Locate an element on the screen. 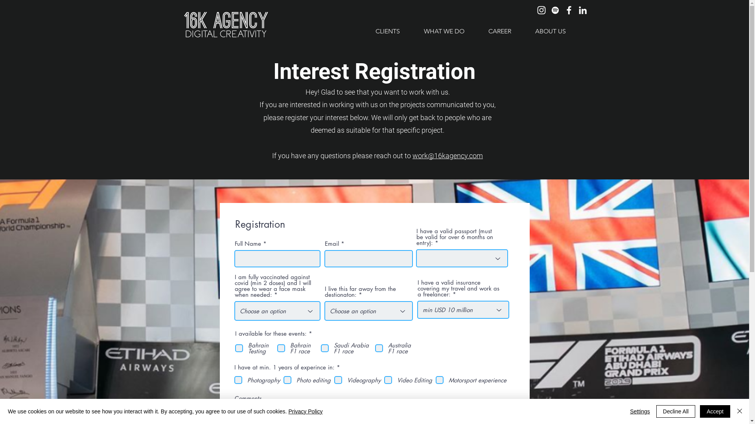  'Privacy Policy' is located at coordinates (305, 411).